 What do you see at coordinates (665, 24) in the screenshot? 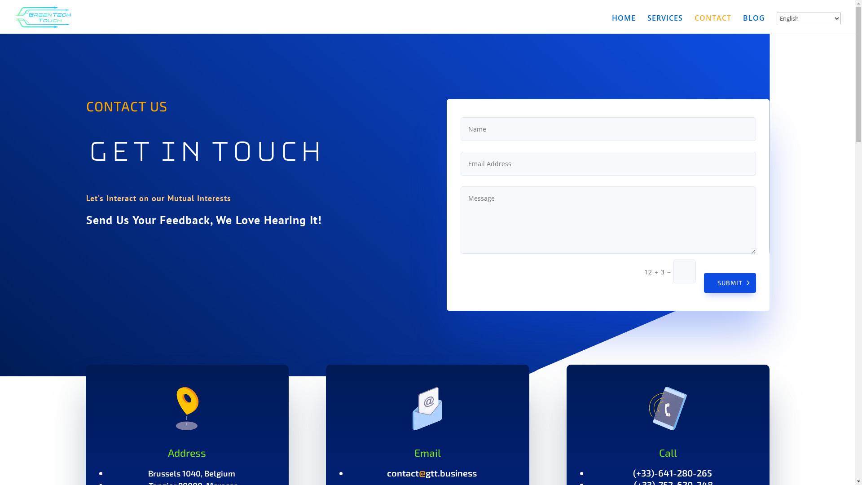
I see `'SERVICES'` at bounding box center [665, 24].